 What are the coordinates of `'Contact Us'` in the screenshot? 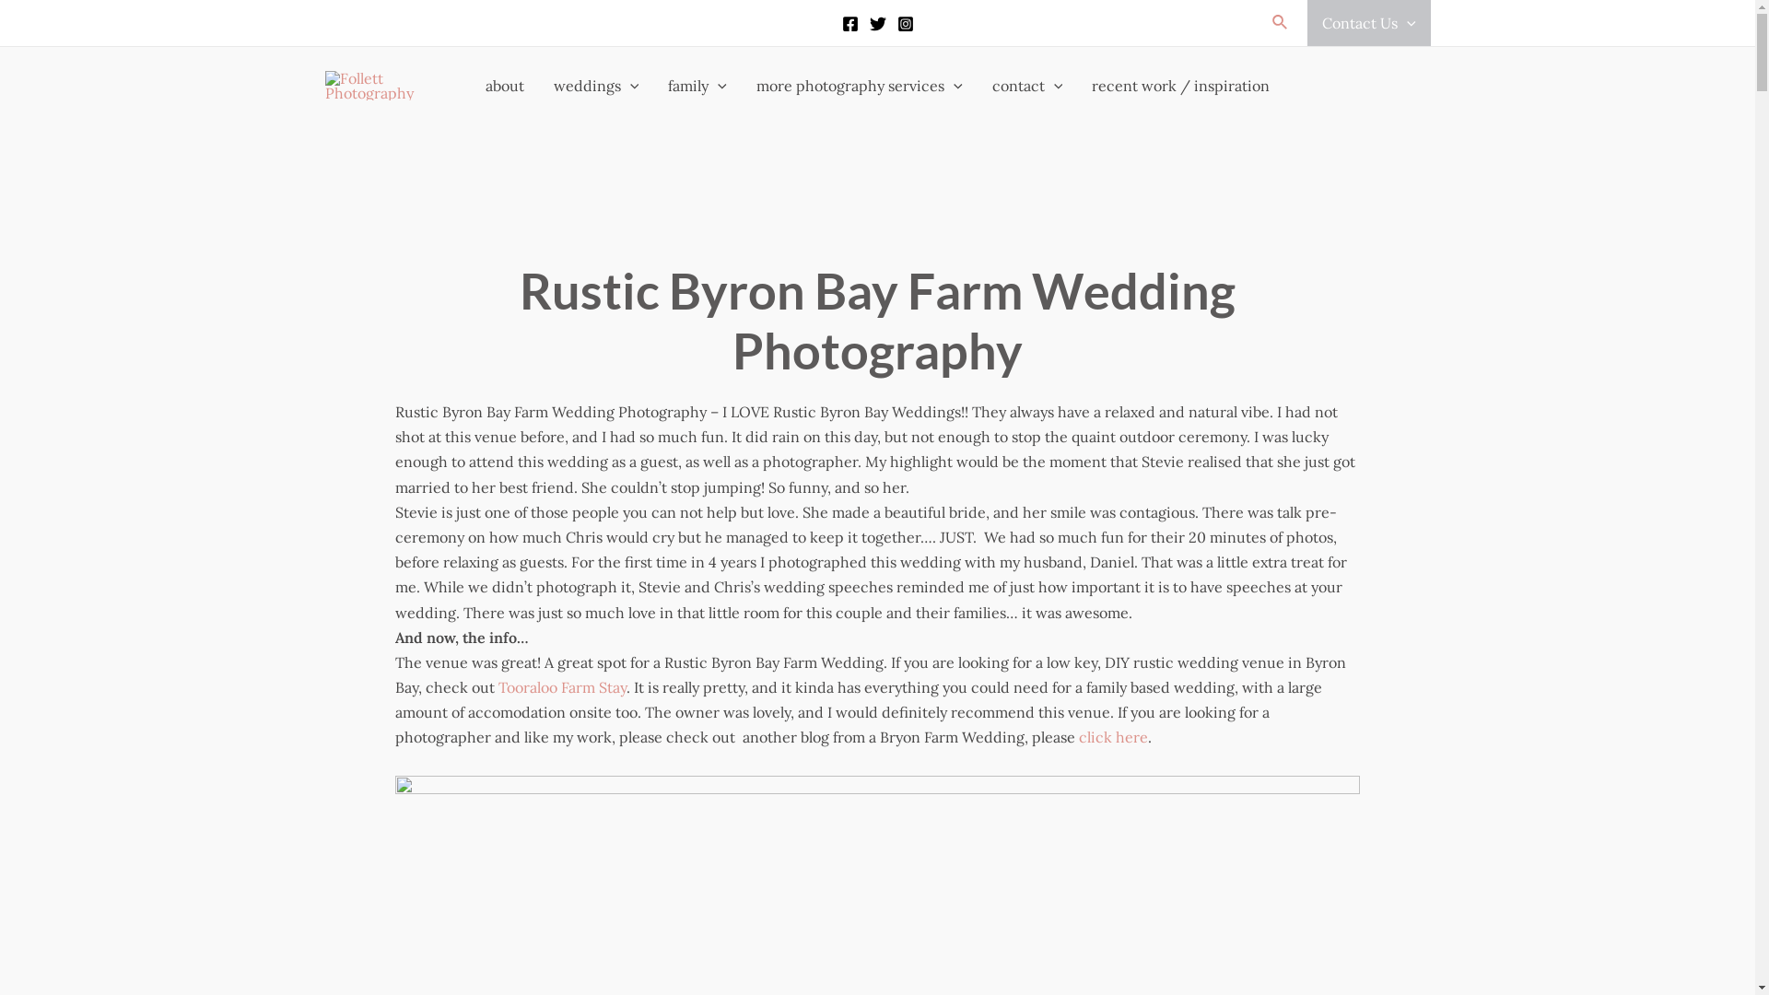 It's located at (1369, 22).